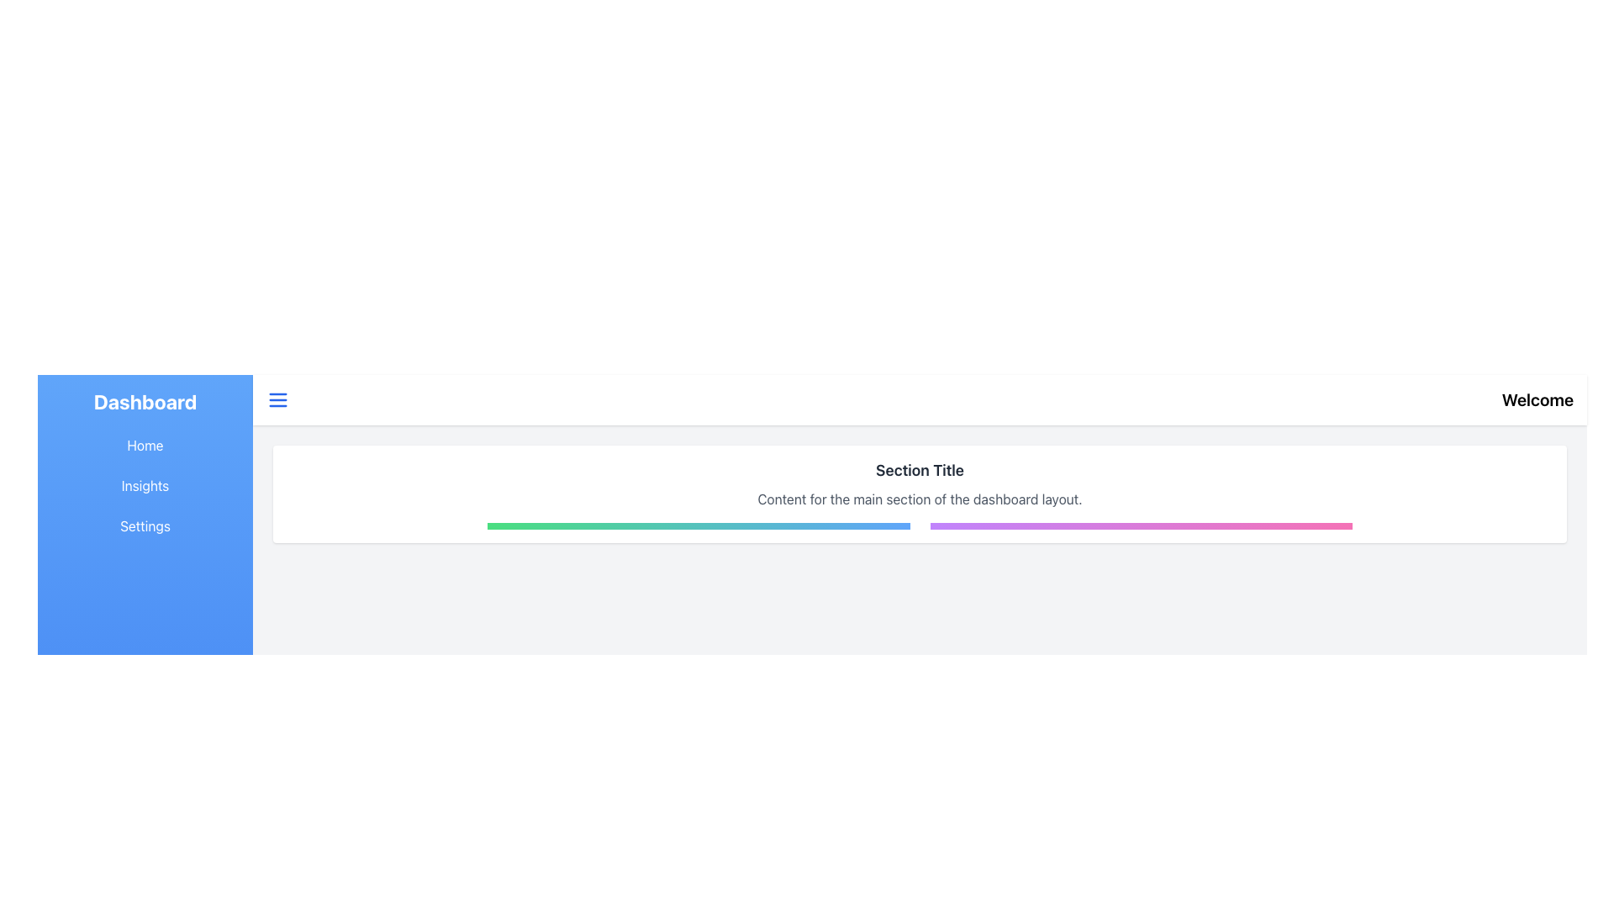 The width and height of the screenshot is (1614, 908). I want to click on the 'Welcome' static text label located on the rightmost side of the top navigation bar, which is styled in bold and larger font size to indicate its importance, so click(1538, 399).